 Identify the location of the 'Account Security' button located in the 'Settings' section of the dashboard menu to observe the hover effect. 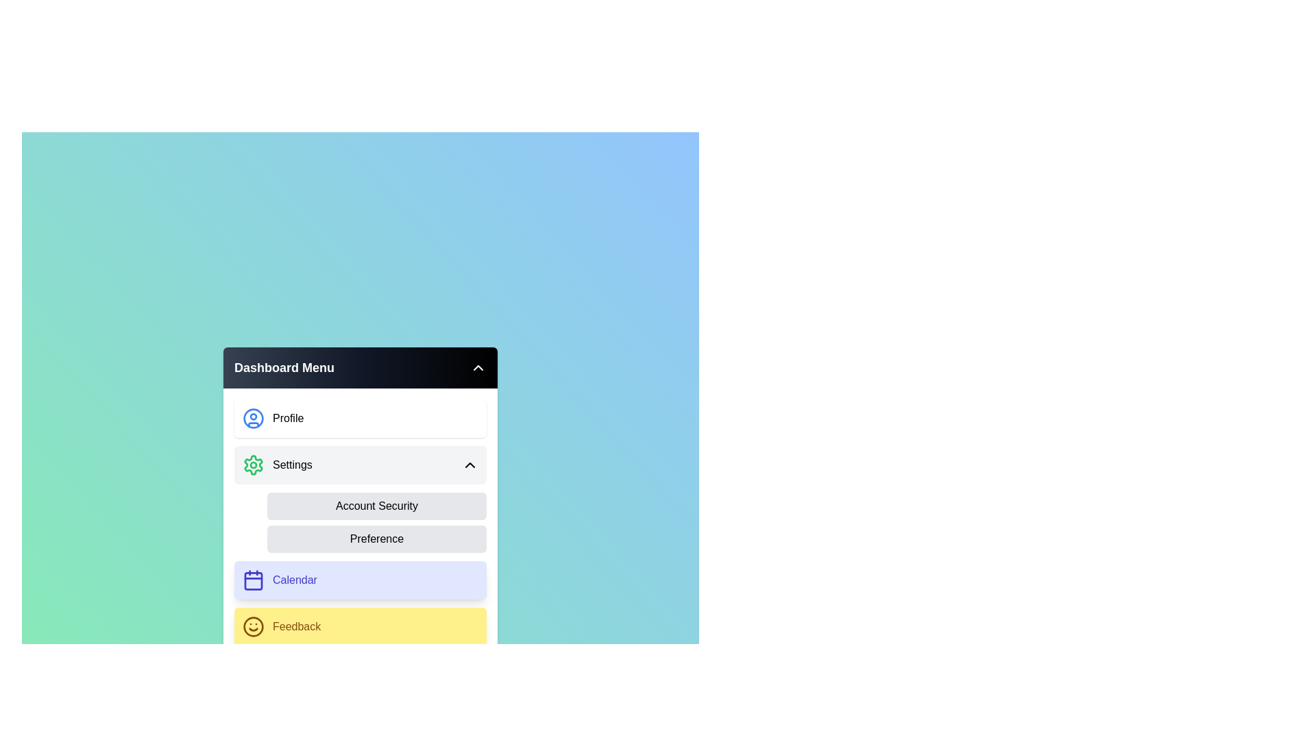
(377, 506).